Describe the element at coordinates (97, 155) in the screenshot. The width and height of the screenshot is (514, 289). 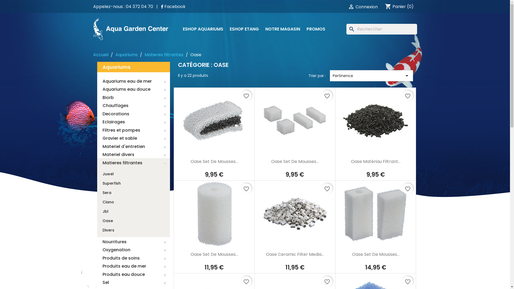
I see `'Materiel divers'` at that location.